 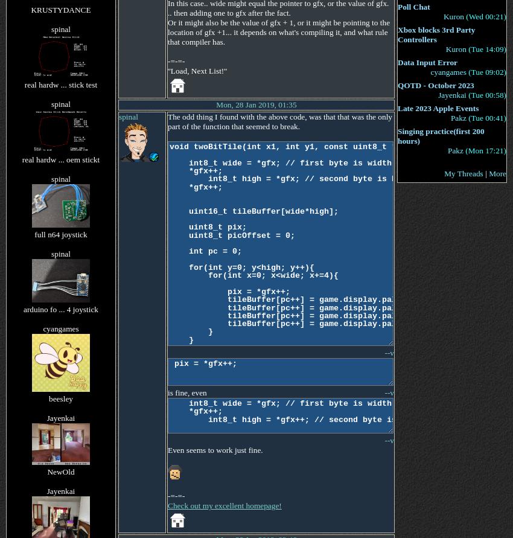 What do you see at coordinates (413, 7) in the screenshot?
I see `'Poll Chat'` at bounding box center [413, 7].